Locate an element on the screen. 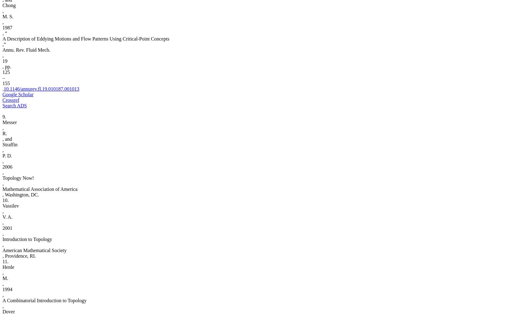 This screenshot has height=318, width=513. 'P. D.' is located at coordinates (7, 155).